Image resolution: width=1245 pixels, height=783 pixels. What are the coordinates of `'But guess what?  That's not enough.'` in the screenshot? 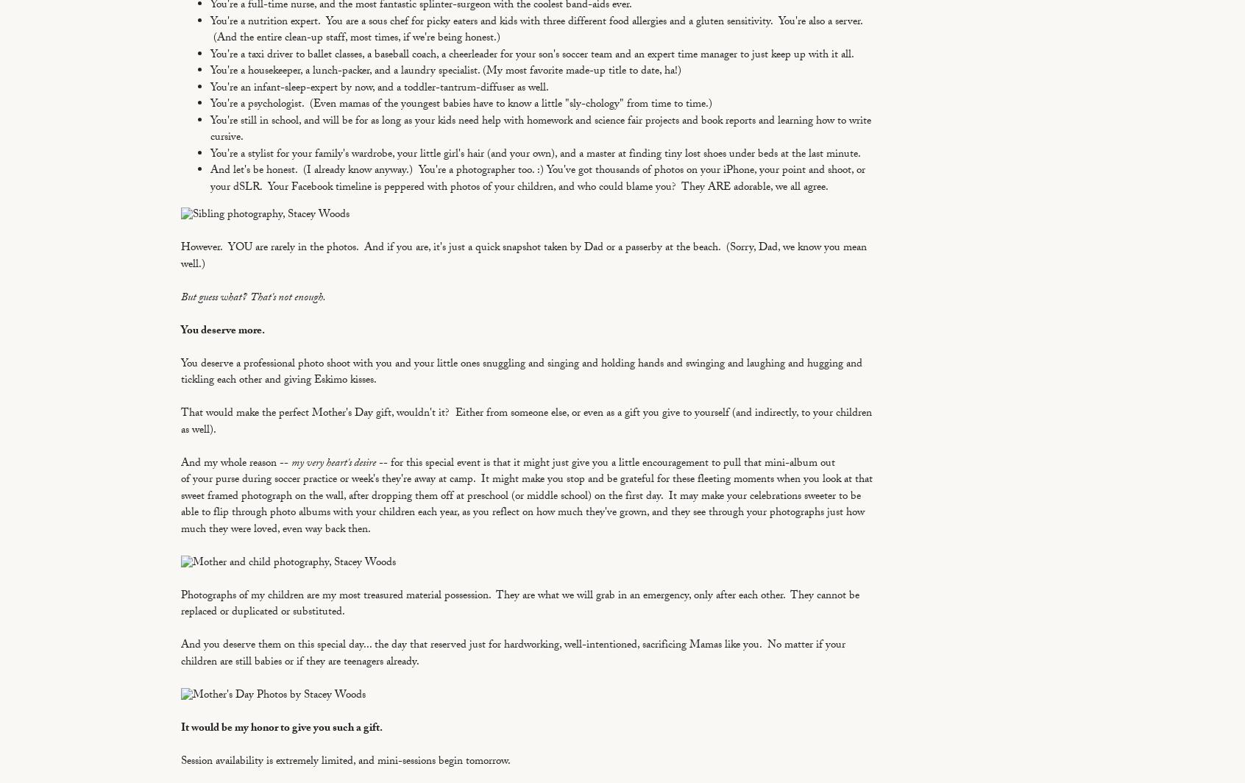 It's located at (252, 297).